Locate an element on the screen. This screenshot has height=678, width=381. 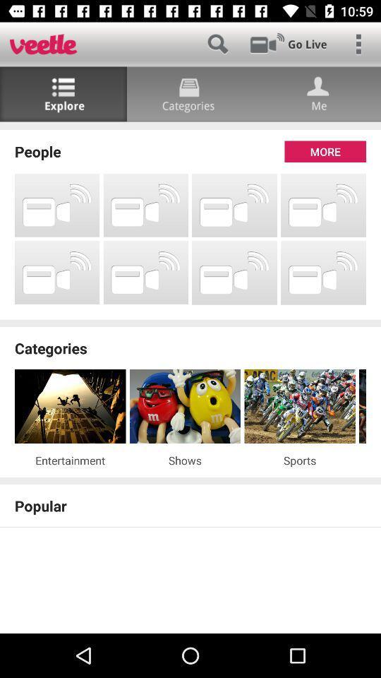
the item below the categories item is located at coordinates (299, 406).